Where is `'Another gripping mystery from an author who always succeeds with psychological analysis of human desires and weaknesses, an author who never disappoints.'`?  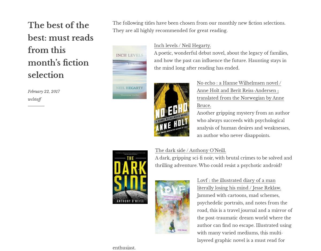
'Another gripping mystery from an author who always succeeds with psychological analysis of human desires and weaknesses, an author who never disappoints.' is located at coordinates (243, 124).